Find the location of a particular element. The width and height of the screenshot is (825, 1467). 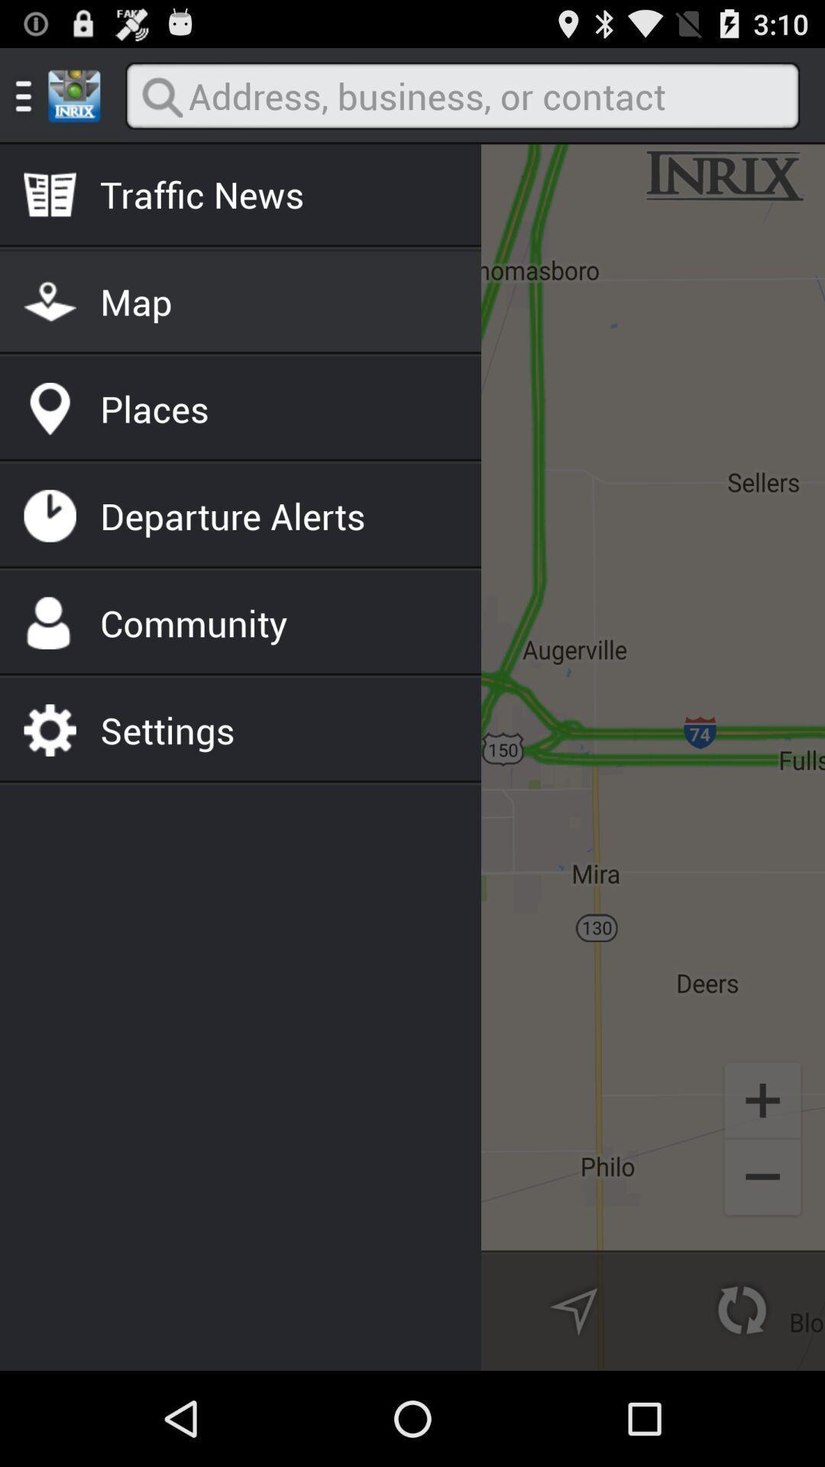

the departure alerts is located at coordinates (232, 516).